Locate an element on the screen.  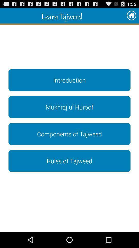
item next to learn tajweed icon is located at coordinates (131, 16).